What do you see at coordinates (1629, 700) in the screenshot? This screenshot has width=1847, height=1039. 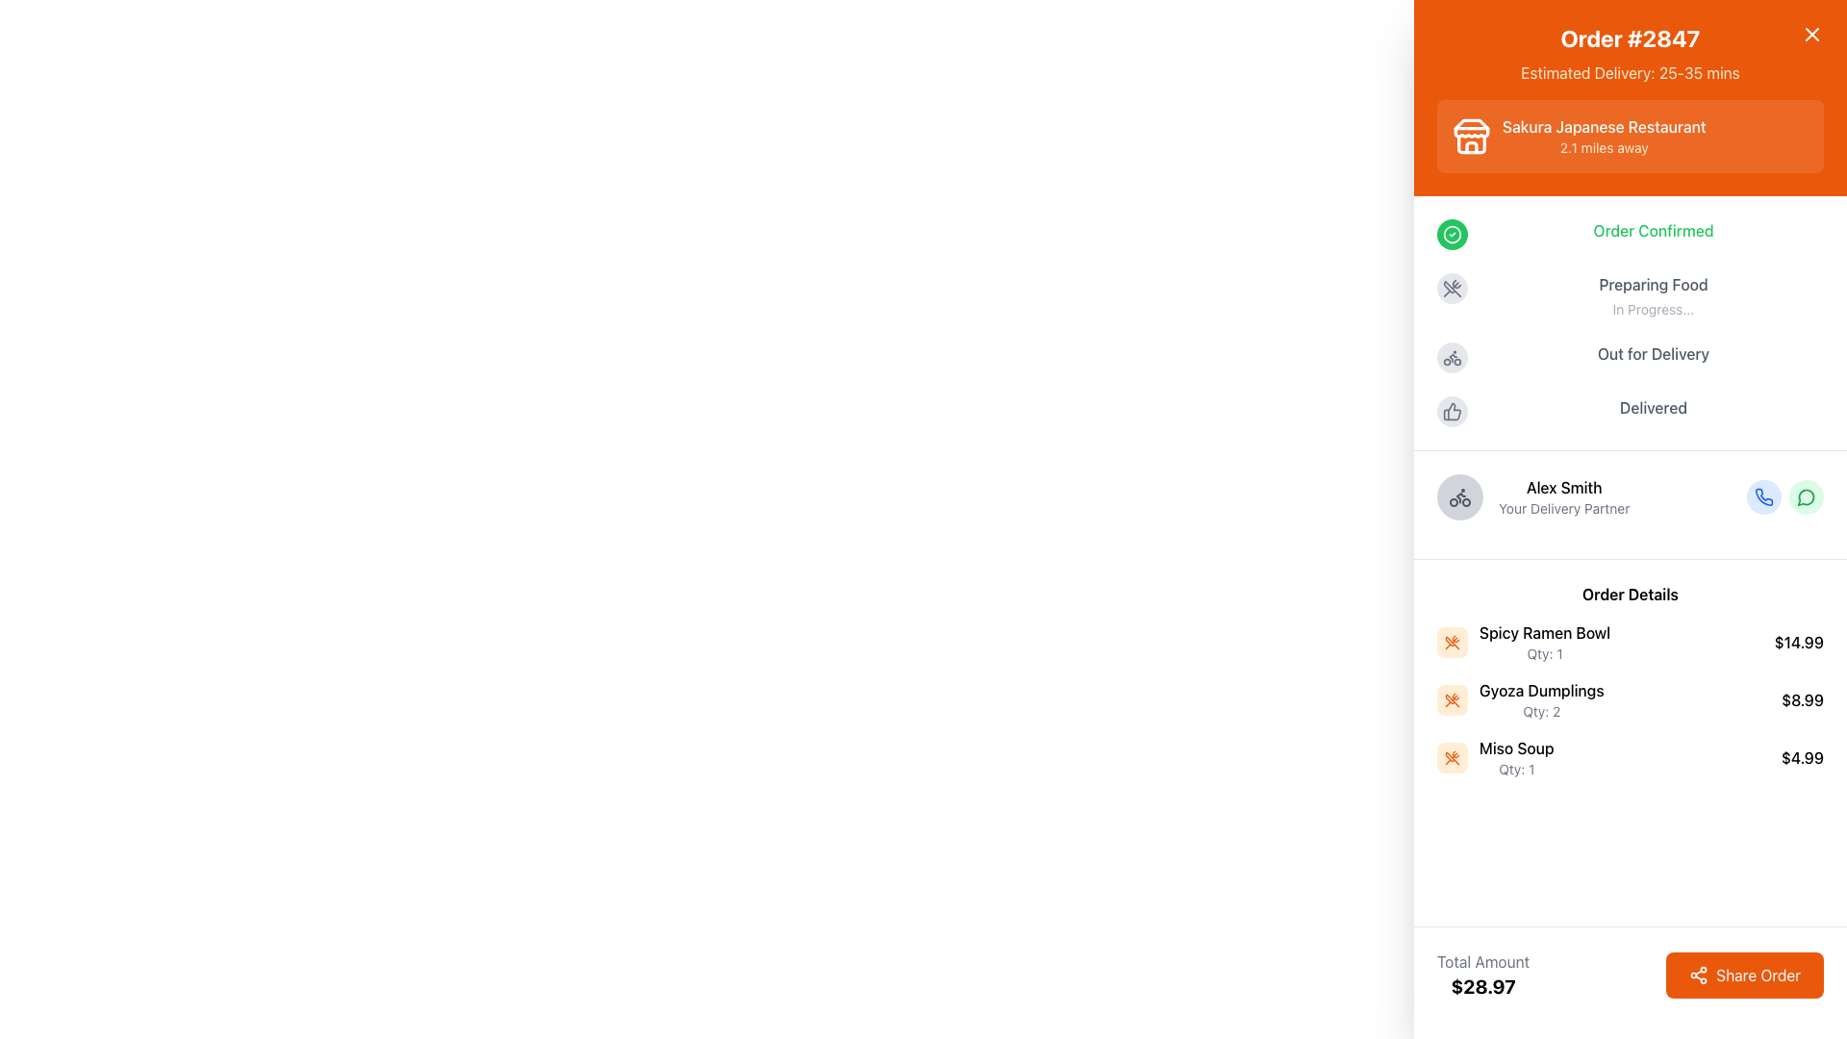 I see `the second list item in the order summary that displays 'Gyoza Dumplings', with quantity 'Qty: 2' and price '$8.99'` at bounding box center [1629, 700].